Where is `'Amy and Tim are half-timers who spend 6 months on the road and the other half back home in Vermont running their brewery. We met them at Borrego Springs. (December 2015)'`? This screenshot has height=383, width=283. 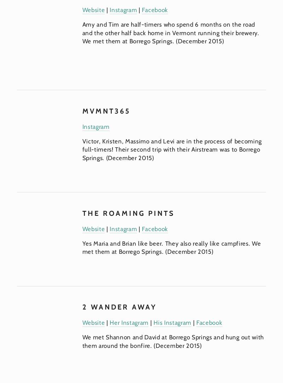
'Amy and Tim are half-timers who spend 6 months on the road and the other half back home in Vermont running their brewery. We met them at Borrego Springs. (December 2015)' is located at coordinates (171, 33).